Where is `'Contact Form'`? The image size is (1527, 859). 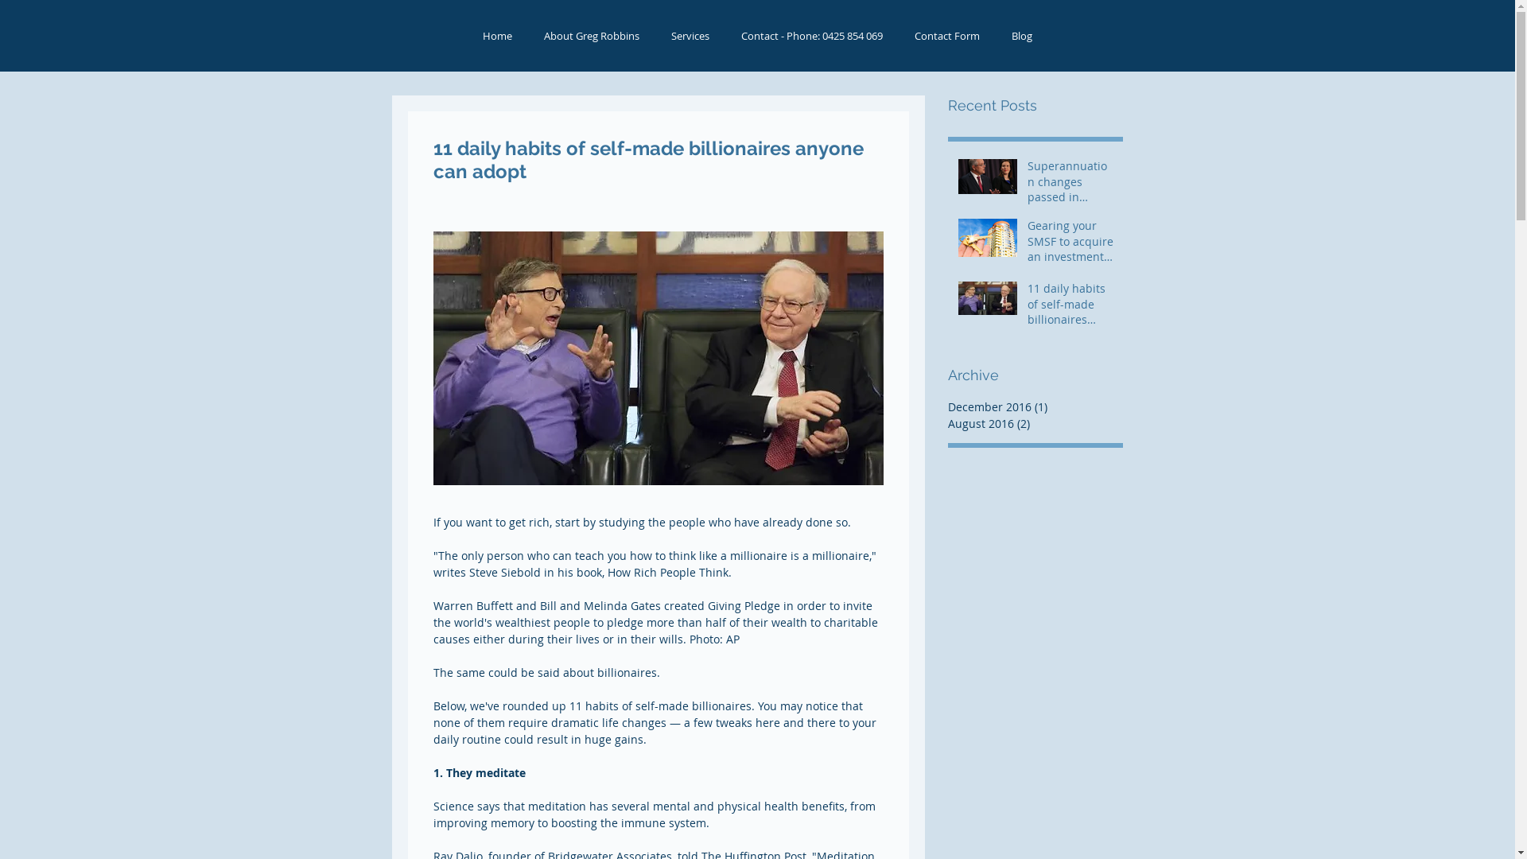
'Contact Form' is located at coordinates (946, 36).